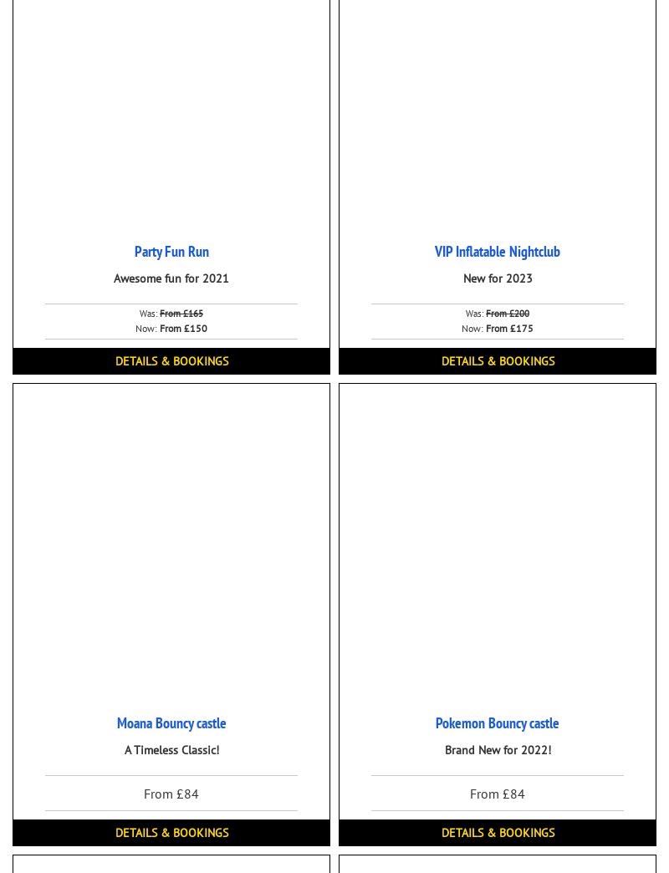  What do you see at coordinates (171, 722) in the screenshot?
I see `'Moana Bouncy castle'` at bounding box center [171, 722].